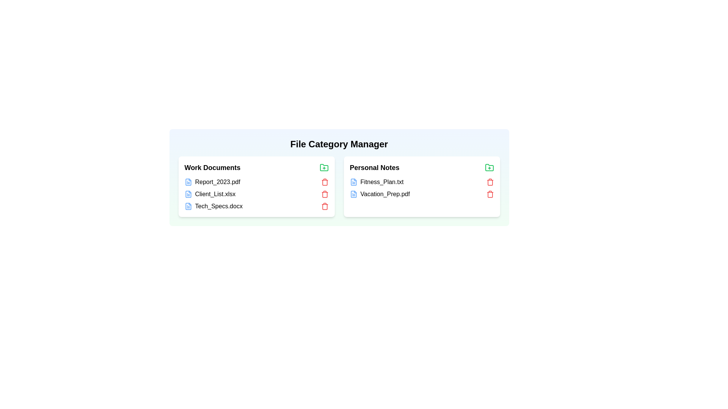  I want to click on the file named Fitness_Plan.txt in the category Personal Notes, so click(379, 181).